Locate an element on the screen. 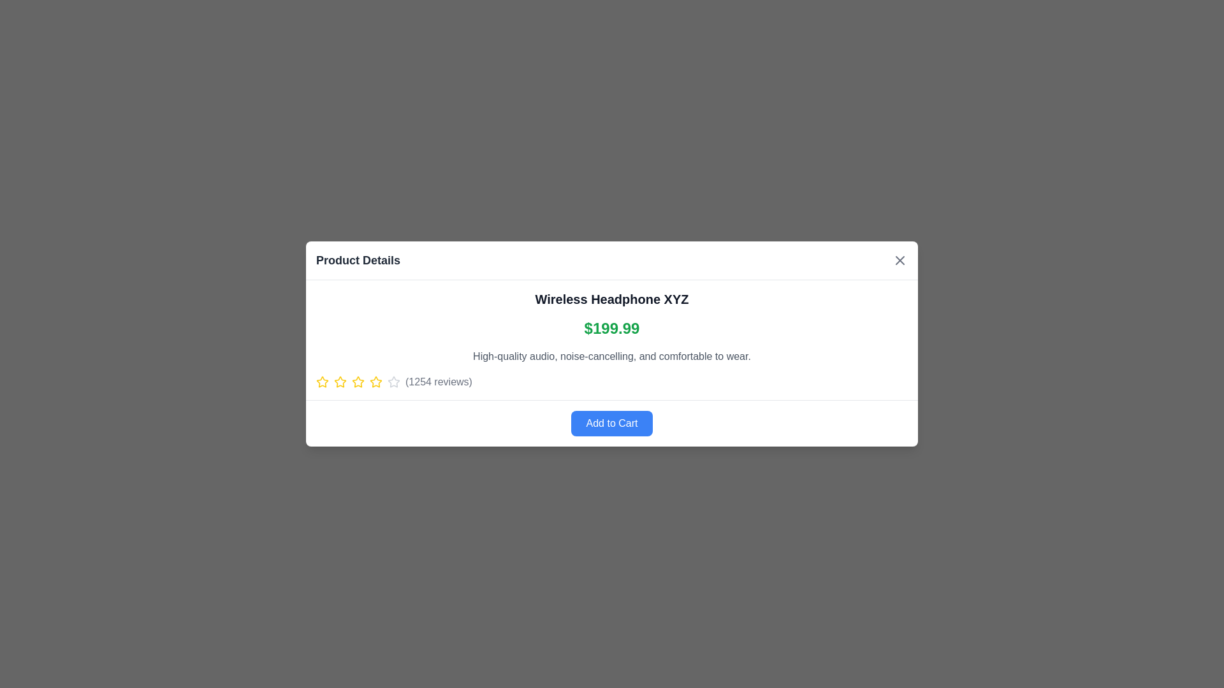 The image size is (1224, 688). the first unfilled rating star icon, which has a yellow border and an empty interior, positioned before the text '(1254 reviews)' is located at coordinates (322, 382).